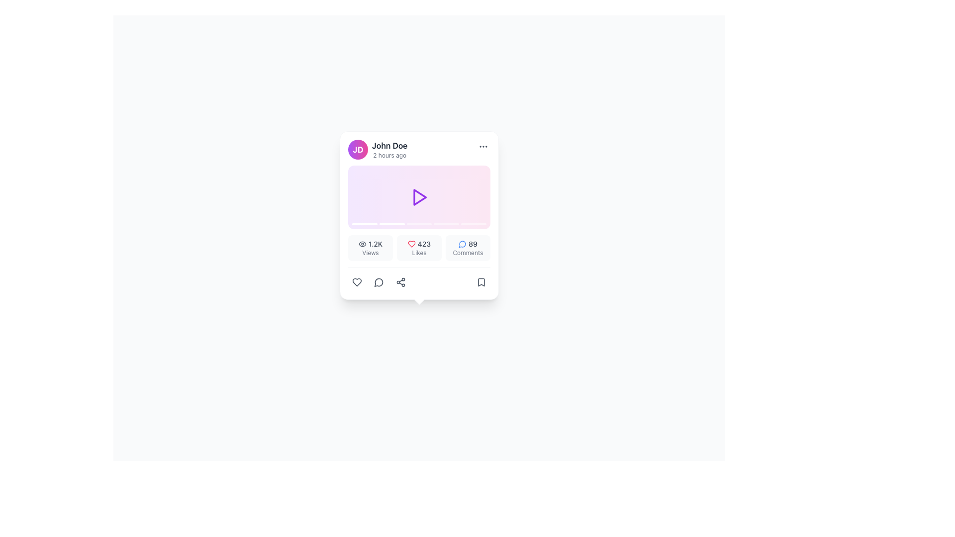  I want to click on the 'Comments' label, which is styled in gray color and located below the numeric text '89' in the user interaction section, so click(467, 253).